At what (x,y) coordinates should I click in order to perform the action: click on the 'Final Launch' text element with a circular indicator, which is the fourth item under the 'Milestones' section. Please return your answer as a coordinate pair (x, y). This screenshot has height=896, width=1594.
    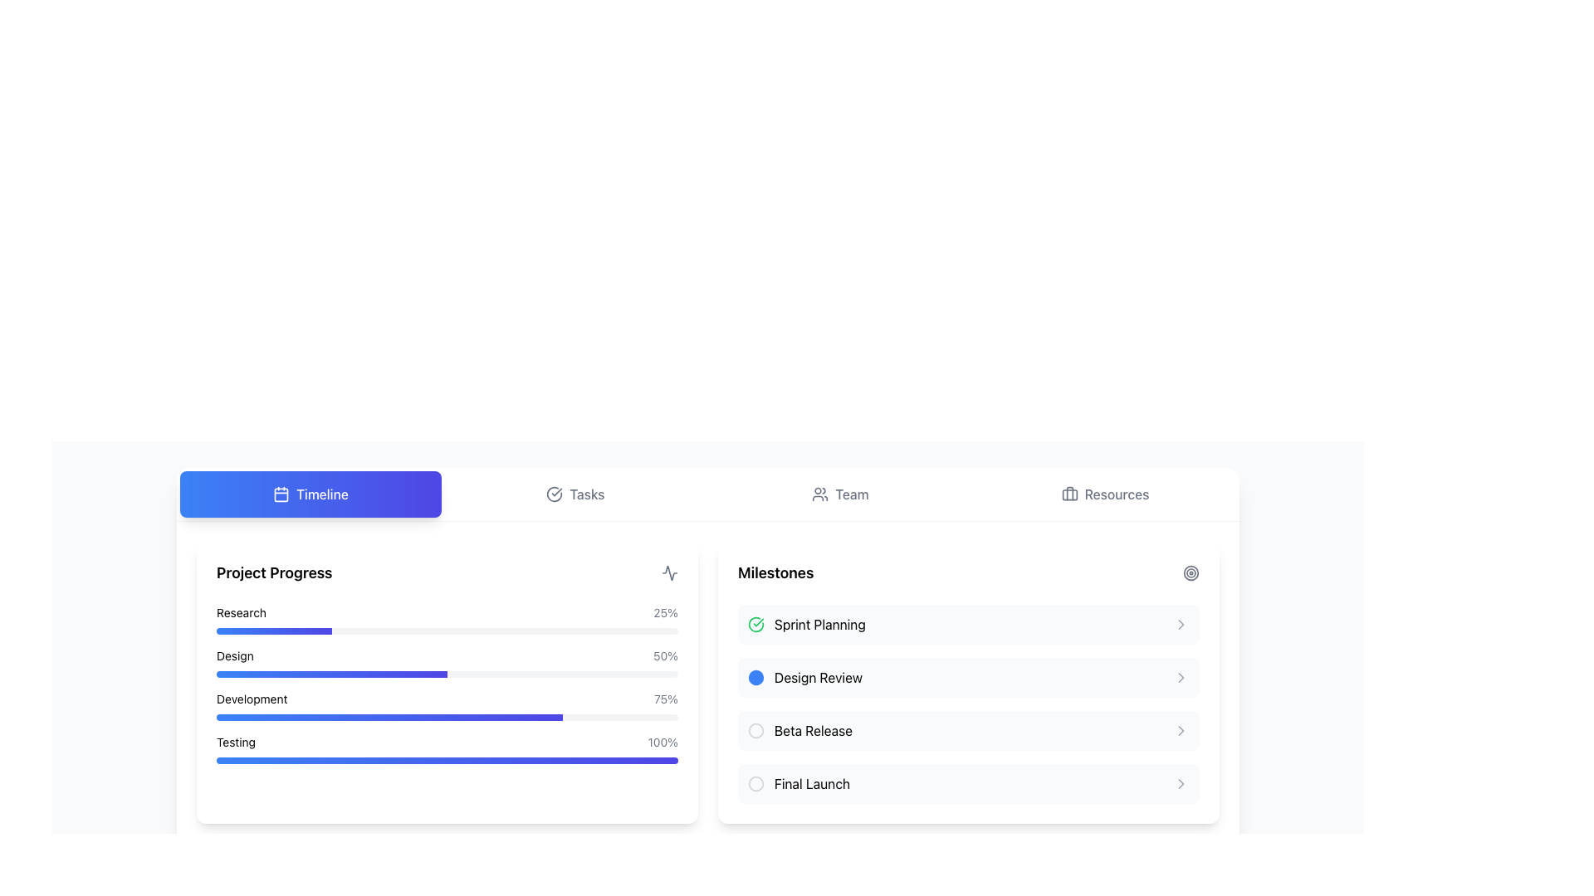
    Looking at the image, I should click on (799, 784).